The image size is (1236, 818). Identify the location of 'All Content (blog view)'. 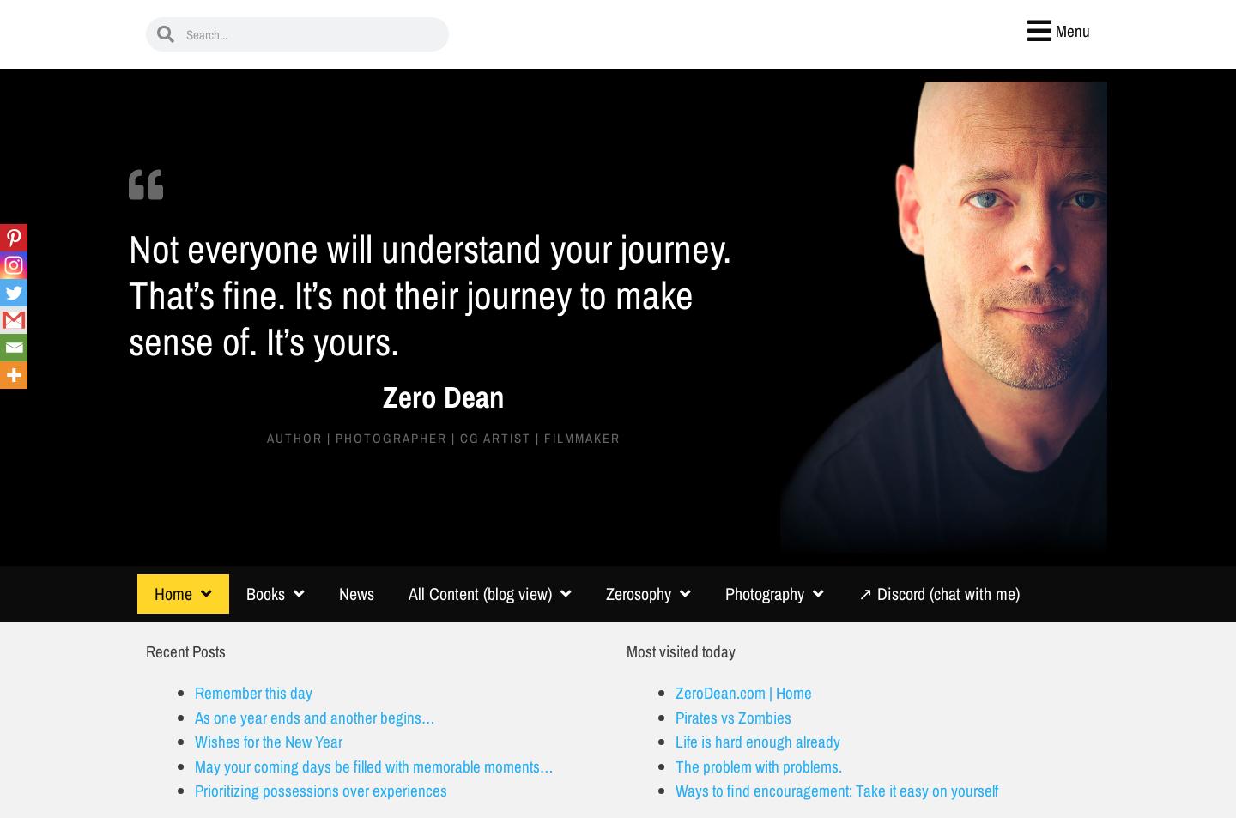
(480, 592).